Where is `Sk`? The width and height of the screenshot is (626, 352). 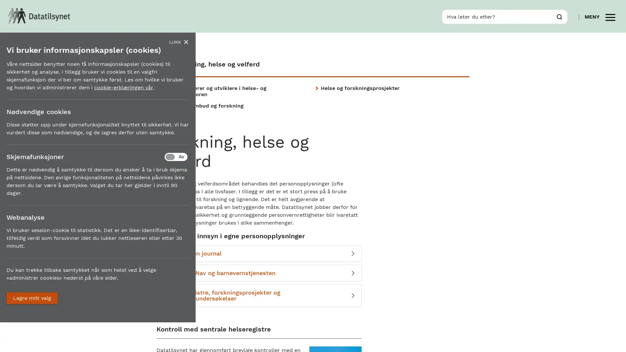
Sk is located at coordinates (559, 16).